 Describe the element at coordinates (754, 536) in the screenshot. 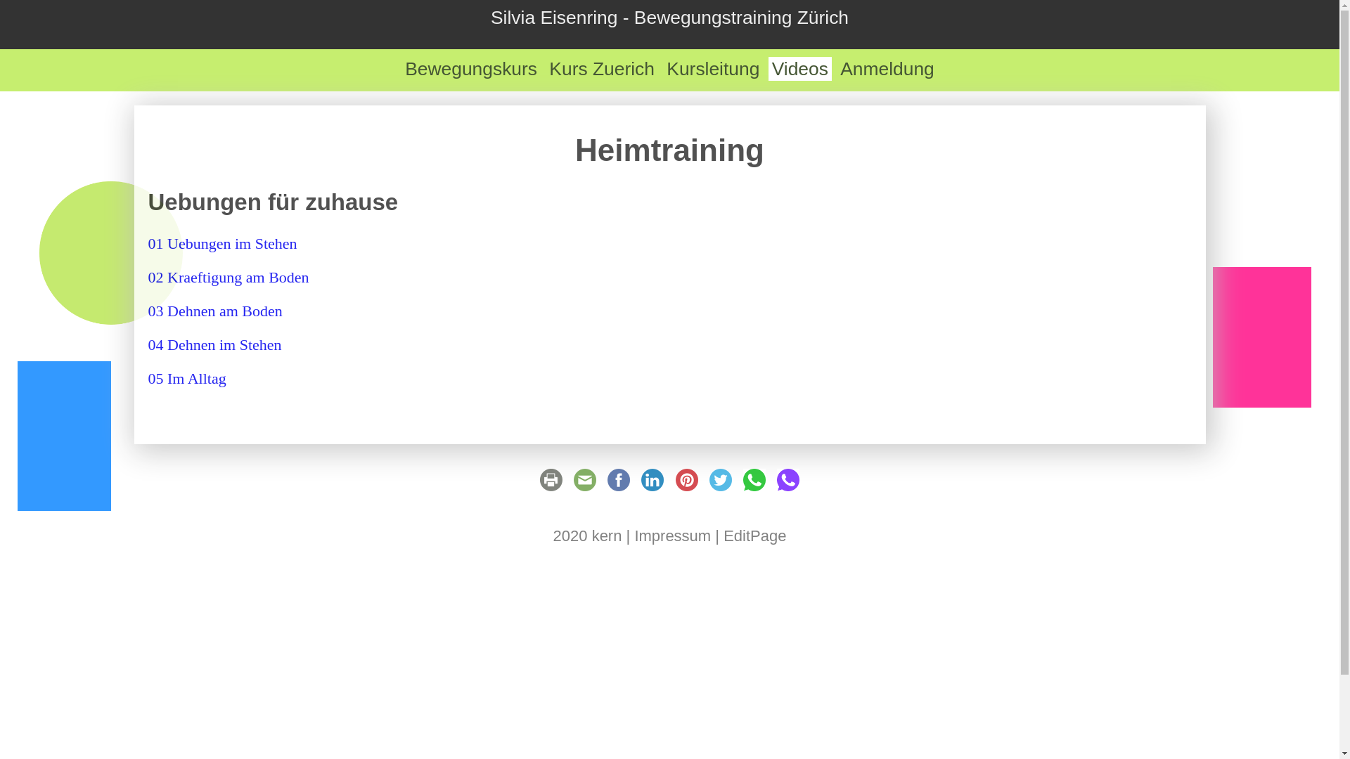

I see `'EditPage'` at that location.